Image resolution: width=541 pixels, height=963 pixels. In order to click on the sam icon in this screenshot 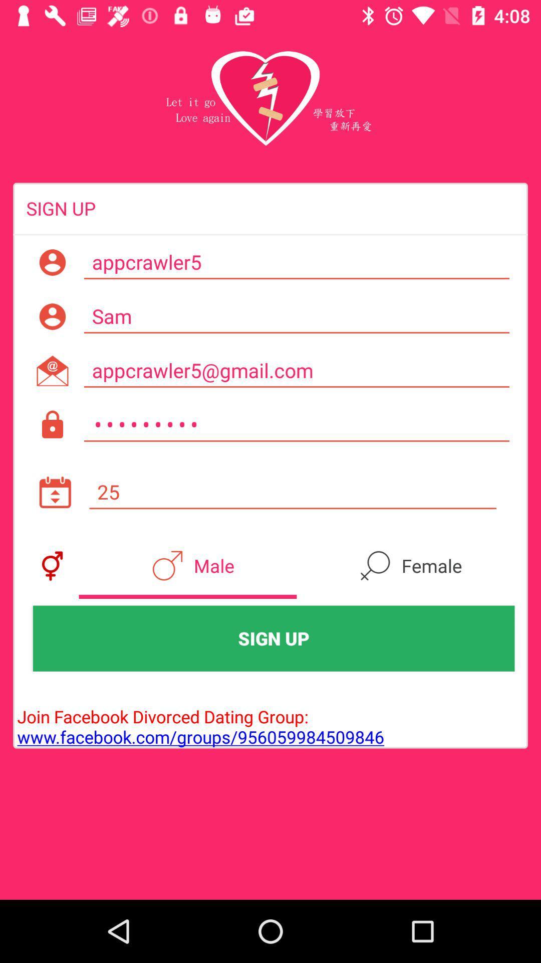, I will do `click(296, 316)`.